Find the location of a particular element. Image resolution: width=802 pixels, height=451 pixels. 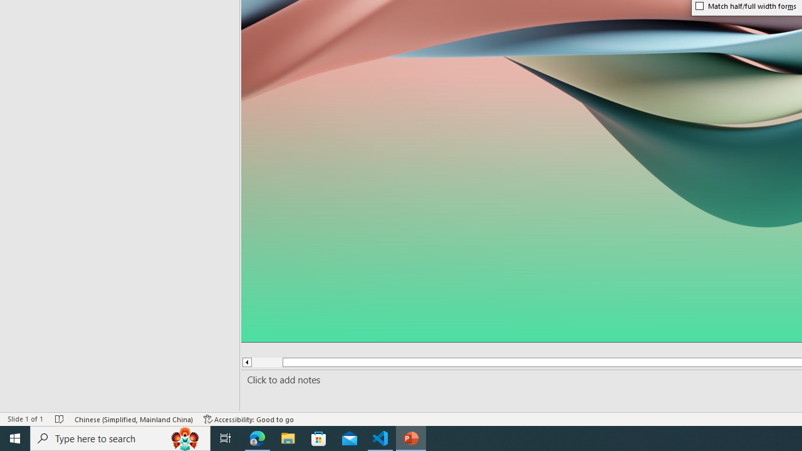

'Microsoft Store' is located at coordinates (319, 437).